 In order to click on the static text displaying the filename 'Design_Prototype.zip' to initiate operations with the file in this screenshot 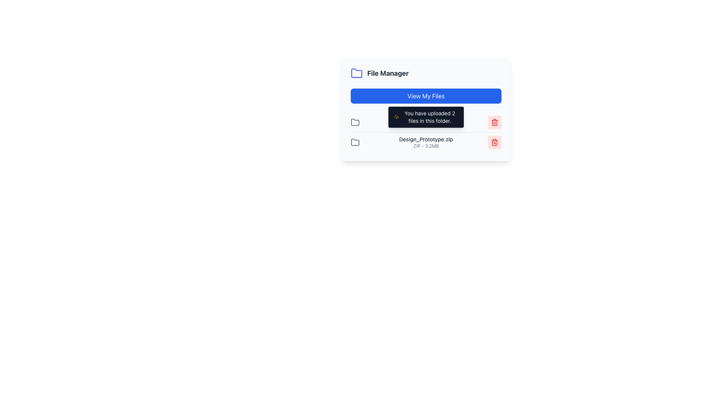, I will do `click(426, 142)`.